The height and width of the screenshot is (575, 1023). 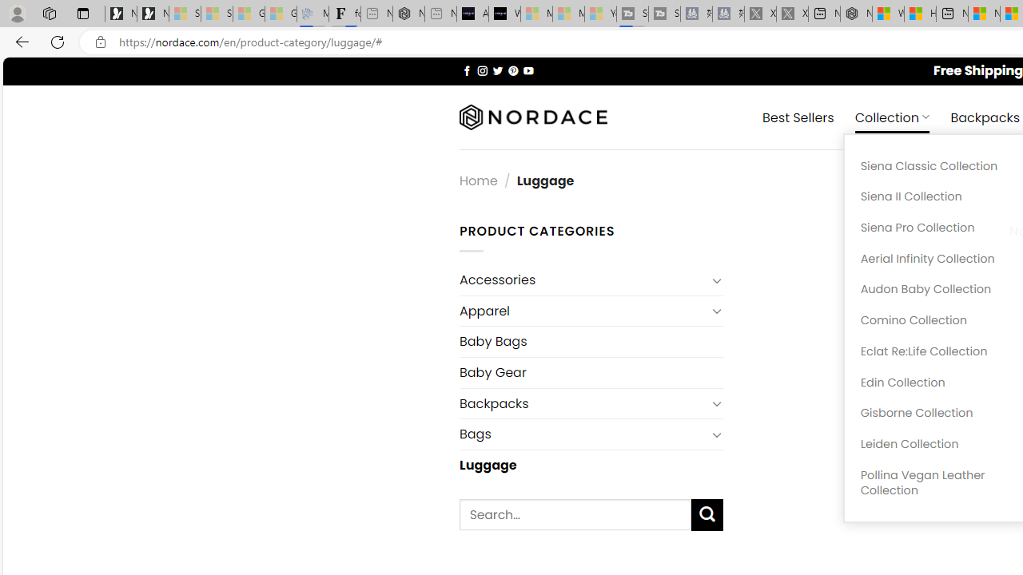 I want to click on 'Streaming Coverage | T3 - Sleeping', so click(x=631, y=14).